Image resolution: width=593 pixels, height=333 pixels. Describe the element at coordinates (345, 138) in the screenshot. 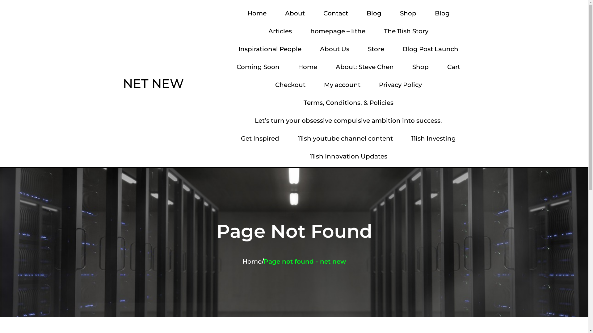

I see `'11ish youtube channel content'` at that location.